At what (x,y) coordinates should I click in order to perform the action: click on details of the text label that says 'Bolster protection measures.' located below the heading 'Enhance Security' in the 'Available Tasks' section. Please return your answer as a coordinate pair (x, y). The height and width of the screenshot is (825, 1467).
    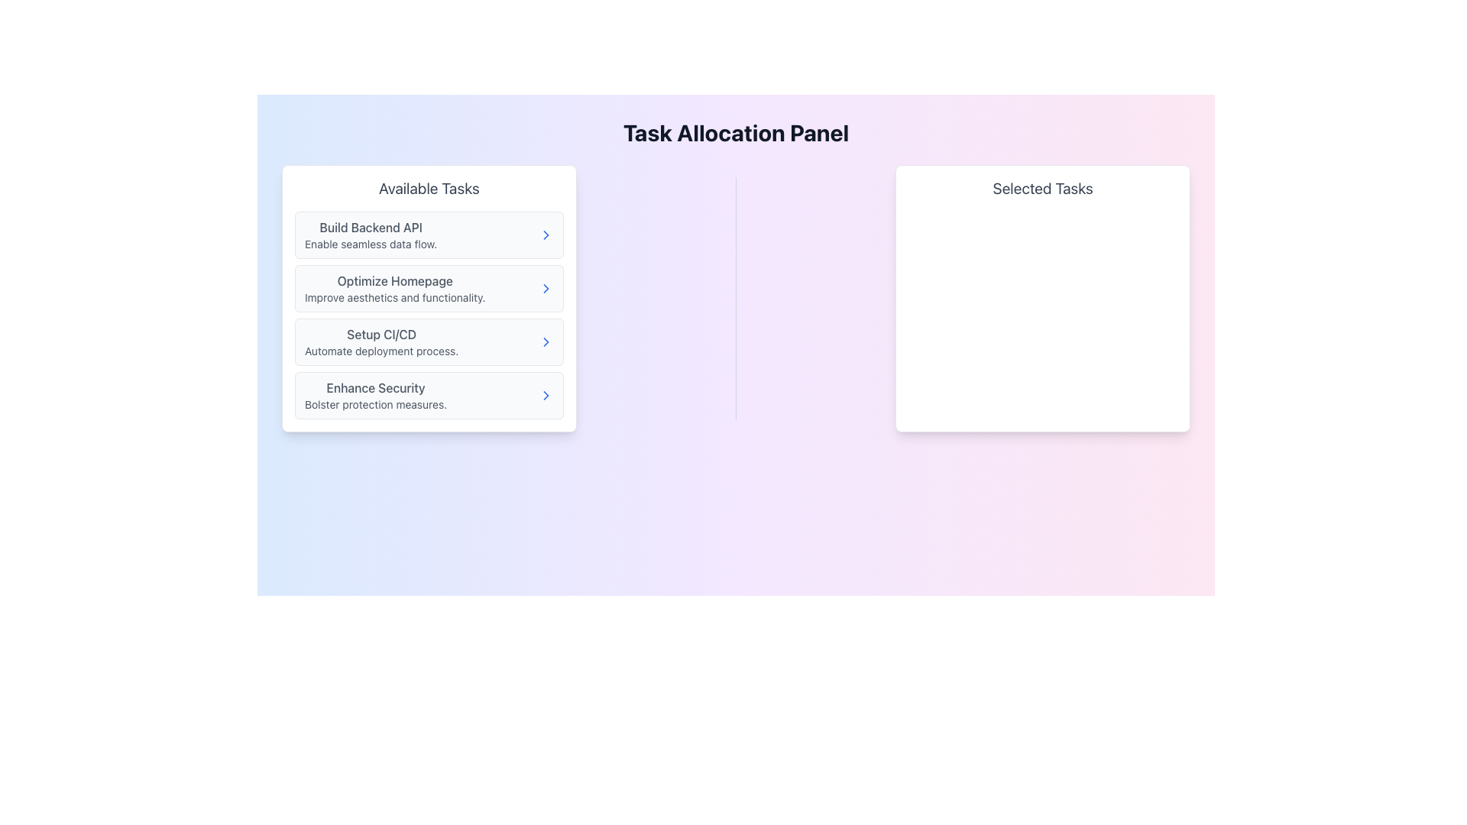
    Looking at the image, I should click on (376, 403).